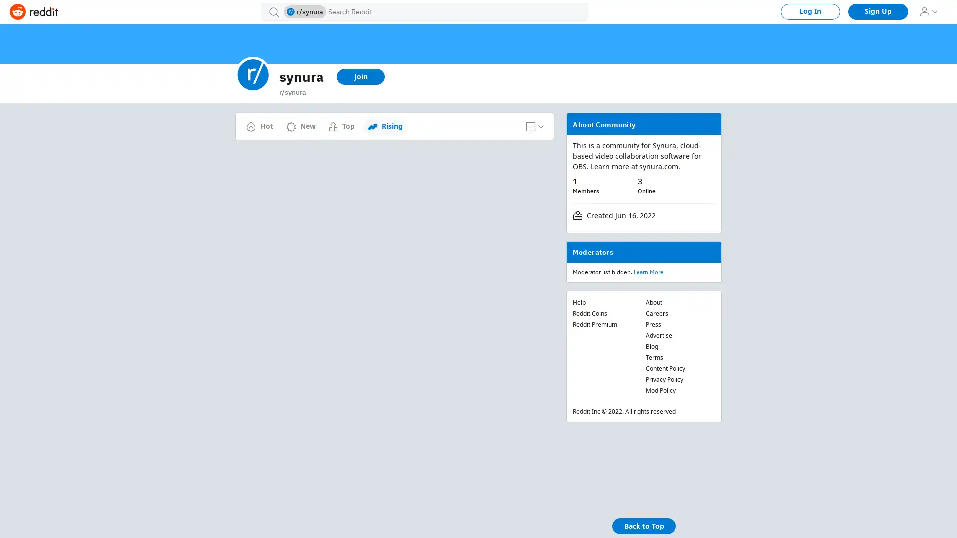  Describe the element at coordinates (386, 121) in the screenshot. I see `New Posts` at that location.